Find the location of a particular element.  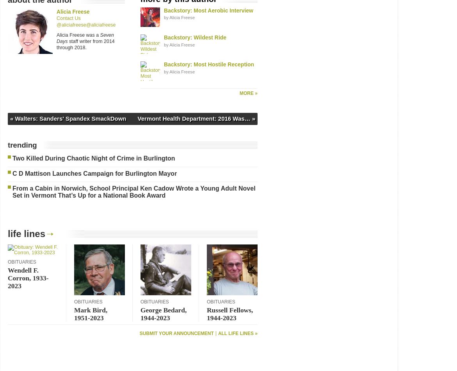

'« Walters: Sanders' Spandex SmackDown' is located at coordinates (68, 118).